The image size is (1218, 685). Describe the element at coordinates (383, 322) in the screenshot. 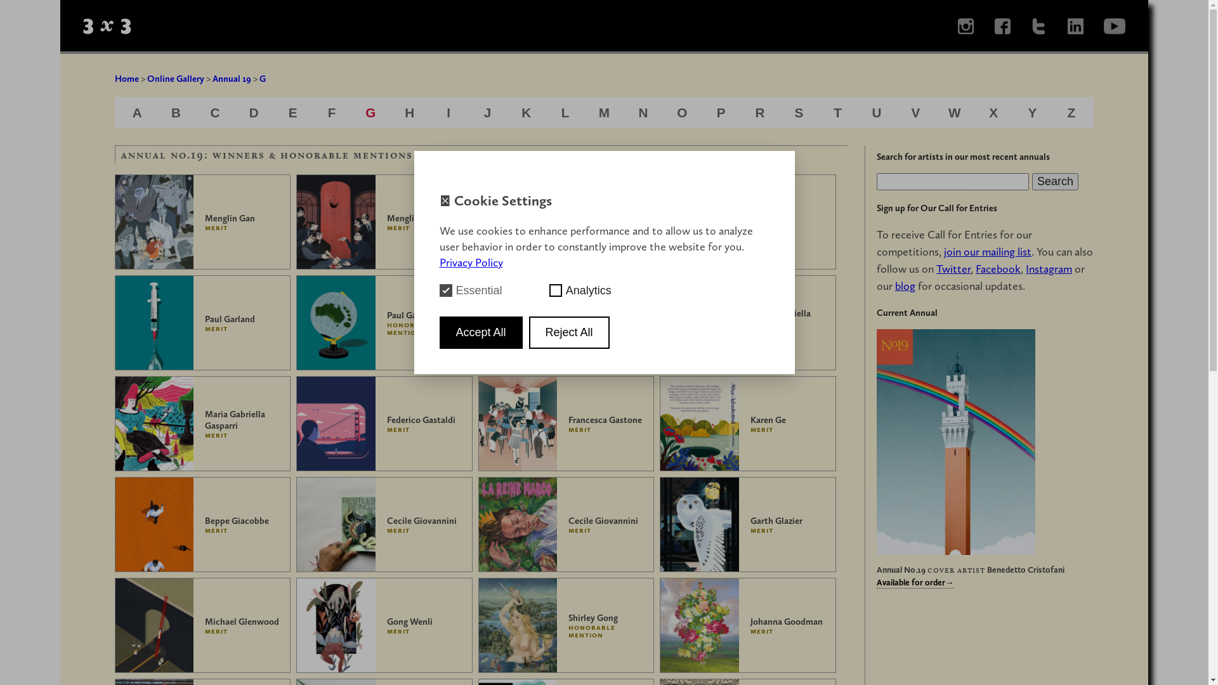

I see `'Paul Garland` at that location.